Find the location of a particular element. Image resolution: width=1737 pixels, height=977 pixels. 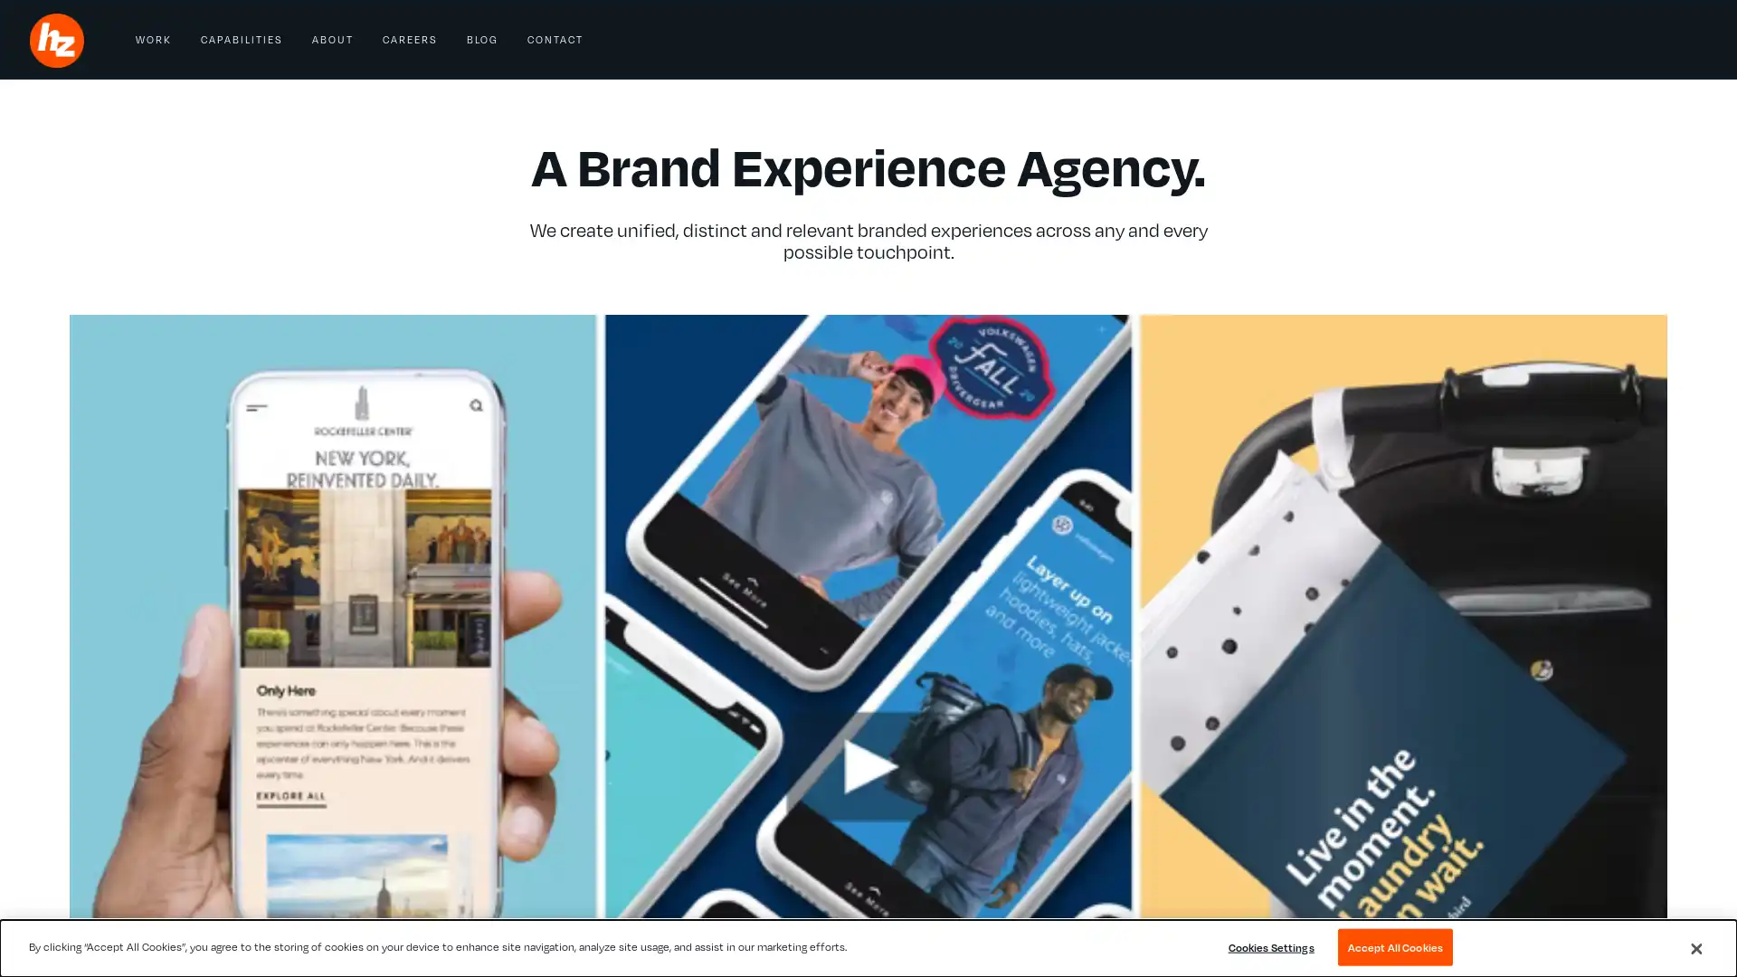

Cookies Settings is located at coordinates (1265, 945).